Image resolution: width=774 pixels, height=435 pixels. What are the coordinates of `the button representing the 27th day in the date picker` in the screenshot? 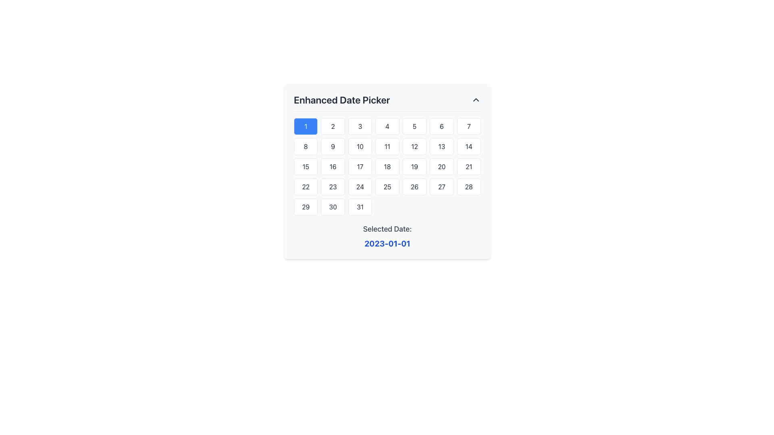 It's located at (441, 186).